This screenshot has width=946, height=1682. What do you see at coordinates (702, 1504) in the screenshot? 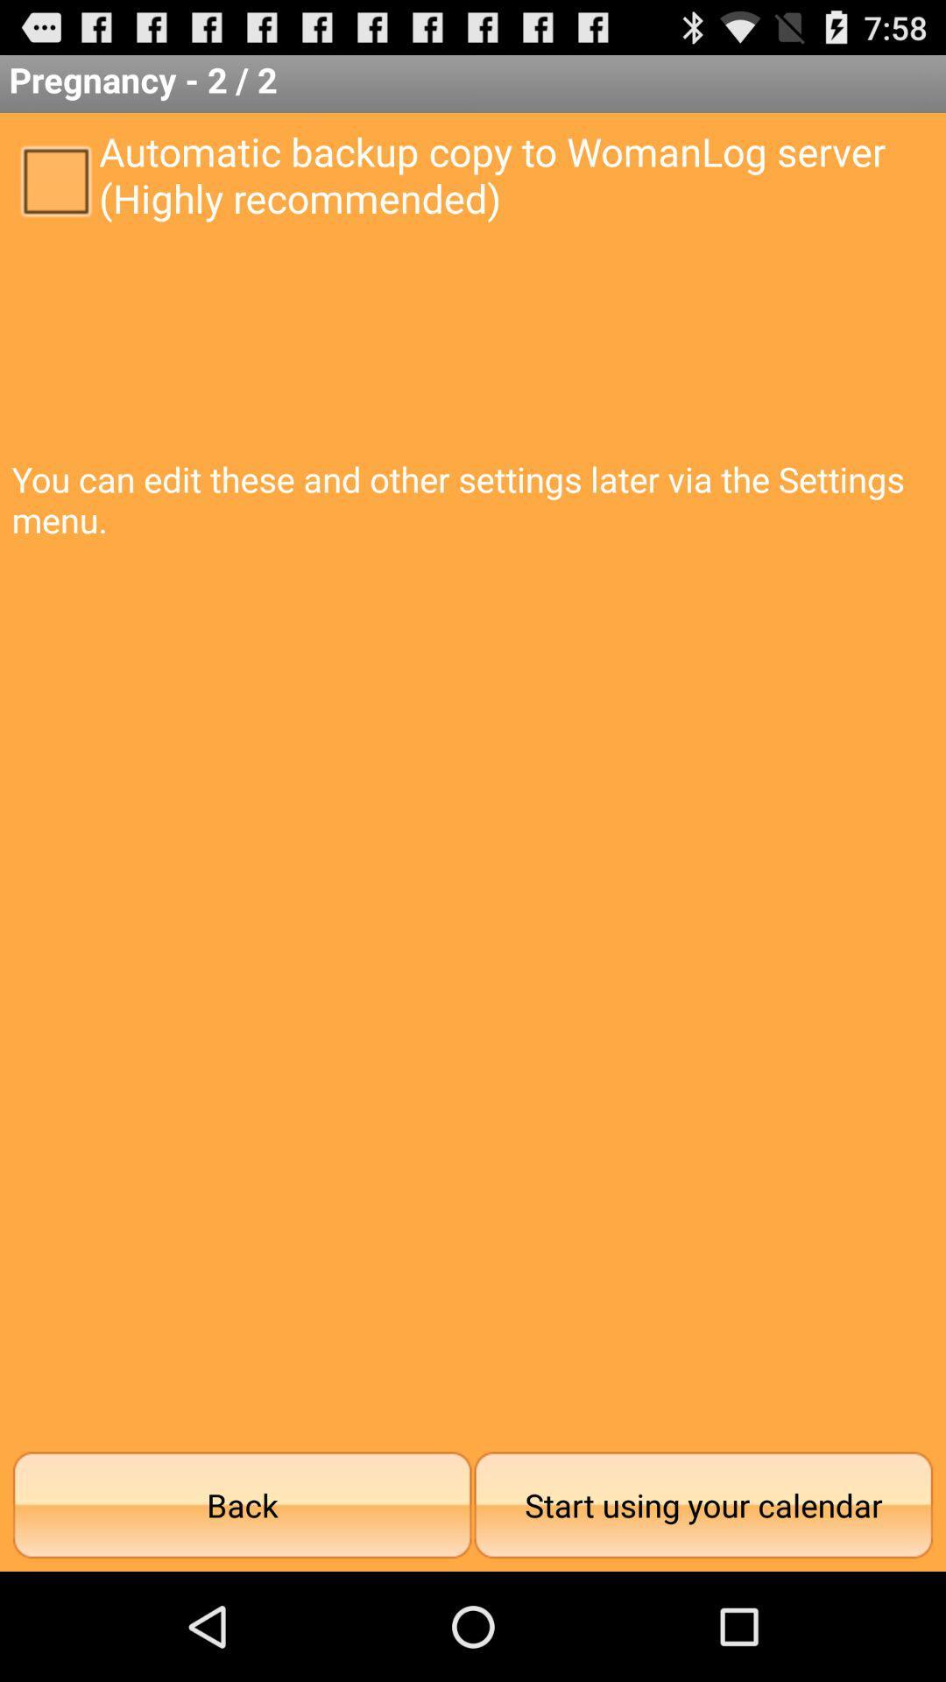
I see `the button to the right of back` at bounding box center [702, 1504].